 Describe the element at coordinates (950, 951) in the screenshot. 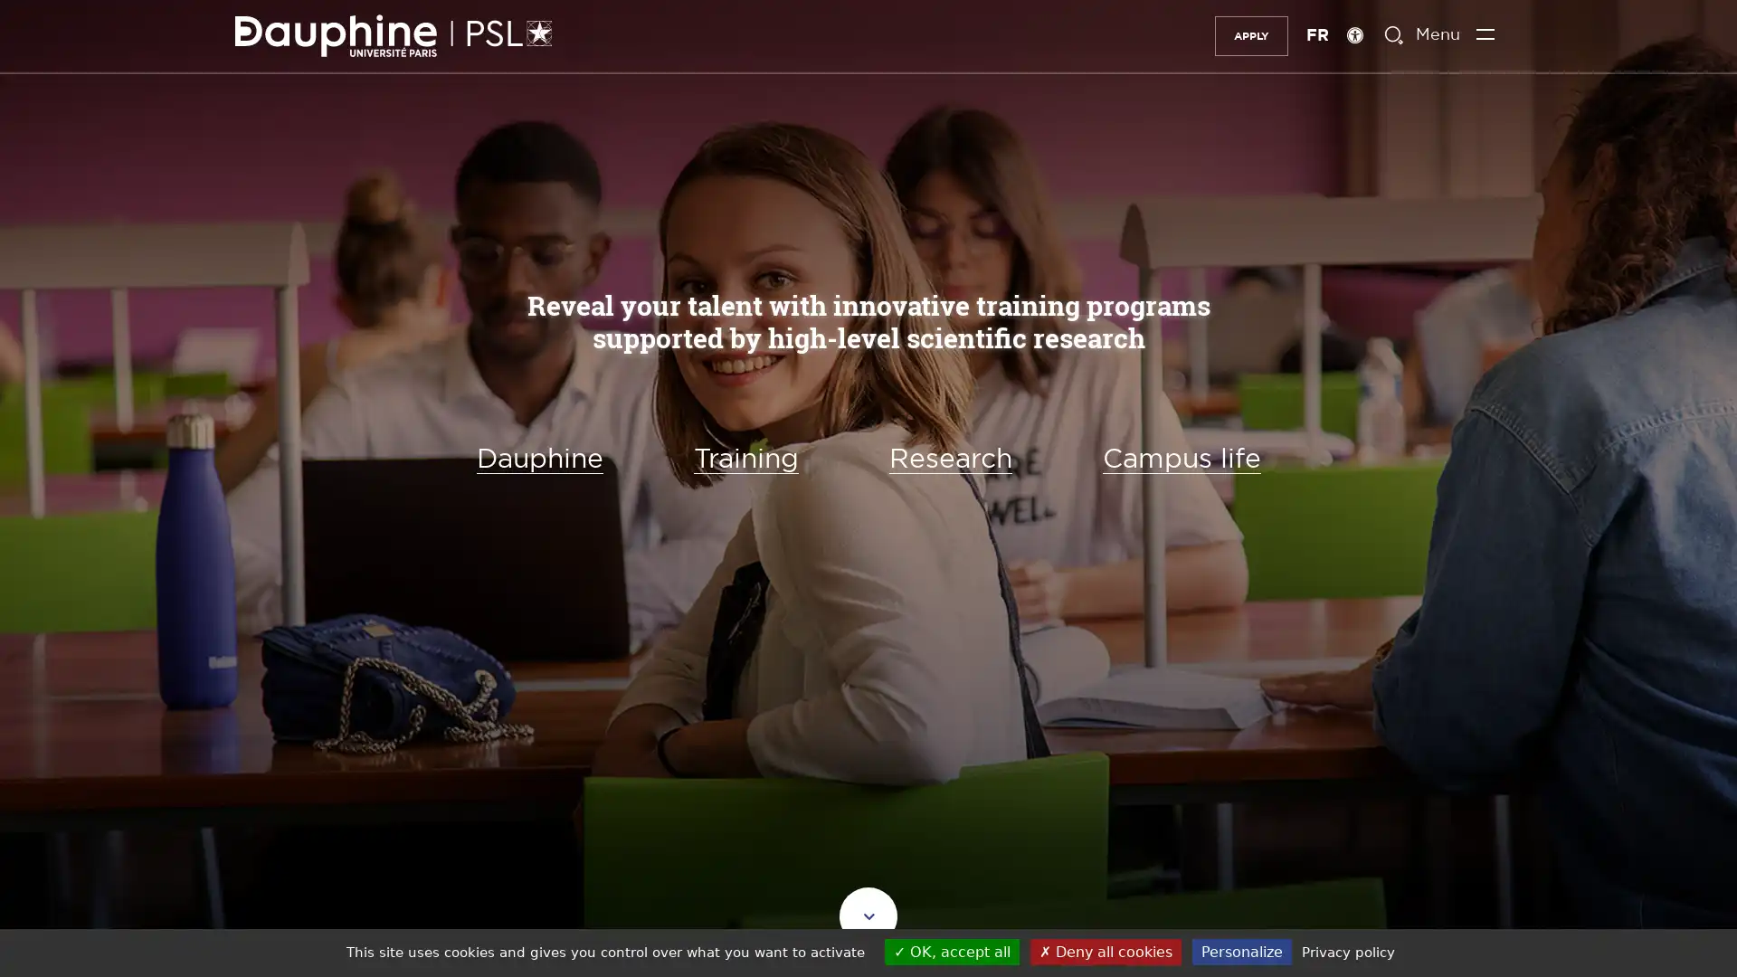

I see `OK, accept all (Refresh the page)` at that location.